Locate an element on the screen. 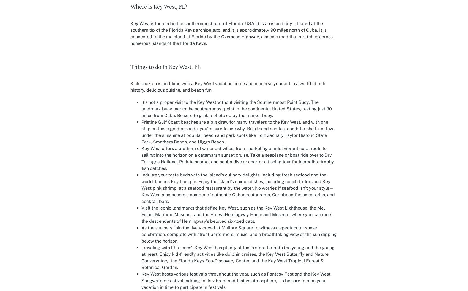 This screenshot has width=468, height=291. 'Things to do in Key West, FL' is located at coordinates (165, 67).